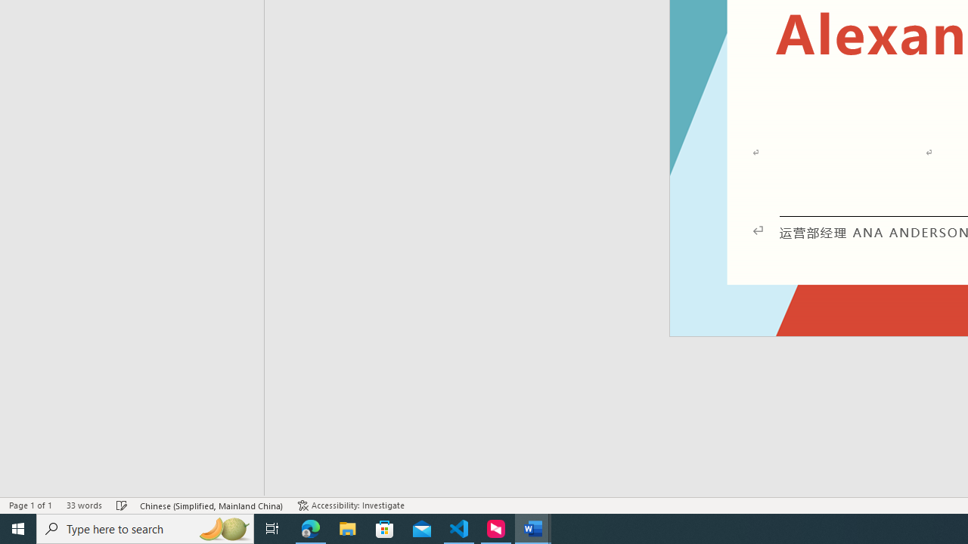  I want to click on 'Word - 2 running windows', so click(533, 527).